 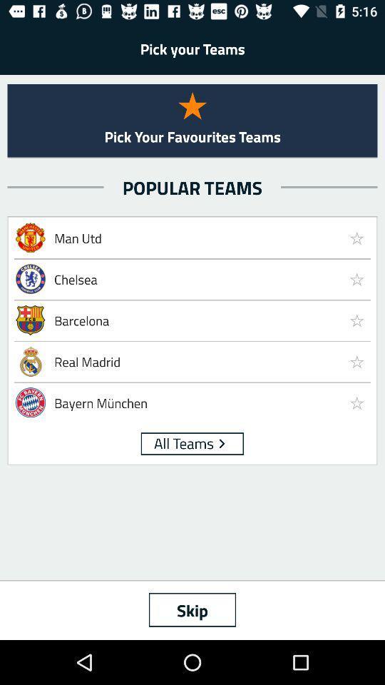 What do you see at coordinates (192, 609) in the screenshot?
I see `the skip icon` at bounding box center [192, 609].